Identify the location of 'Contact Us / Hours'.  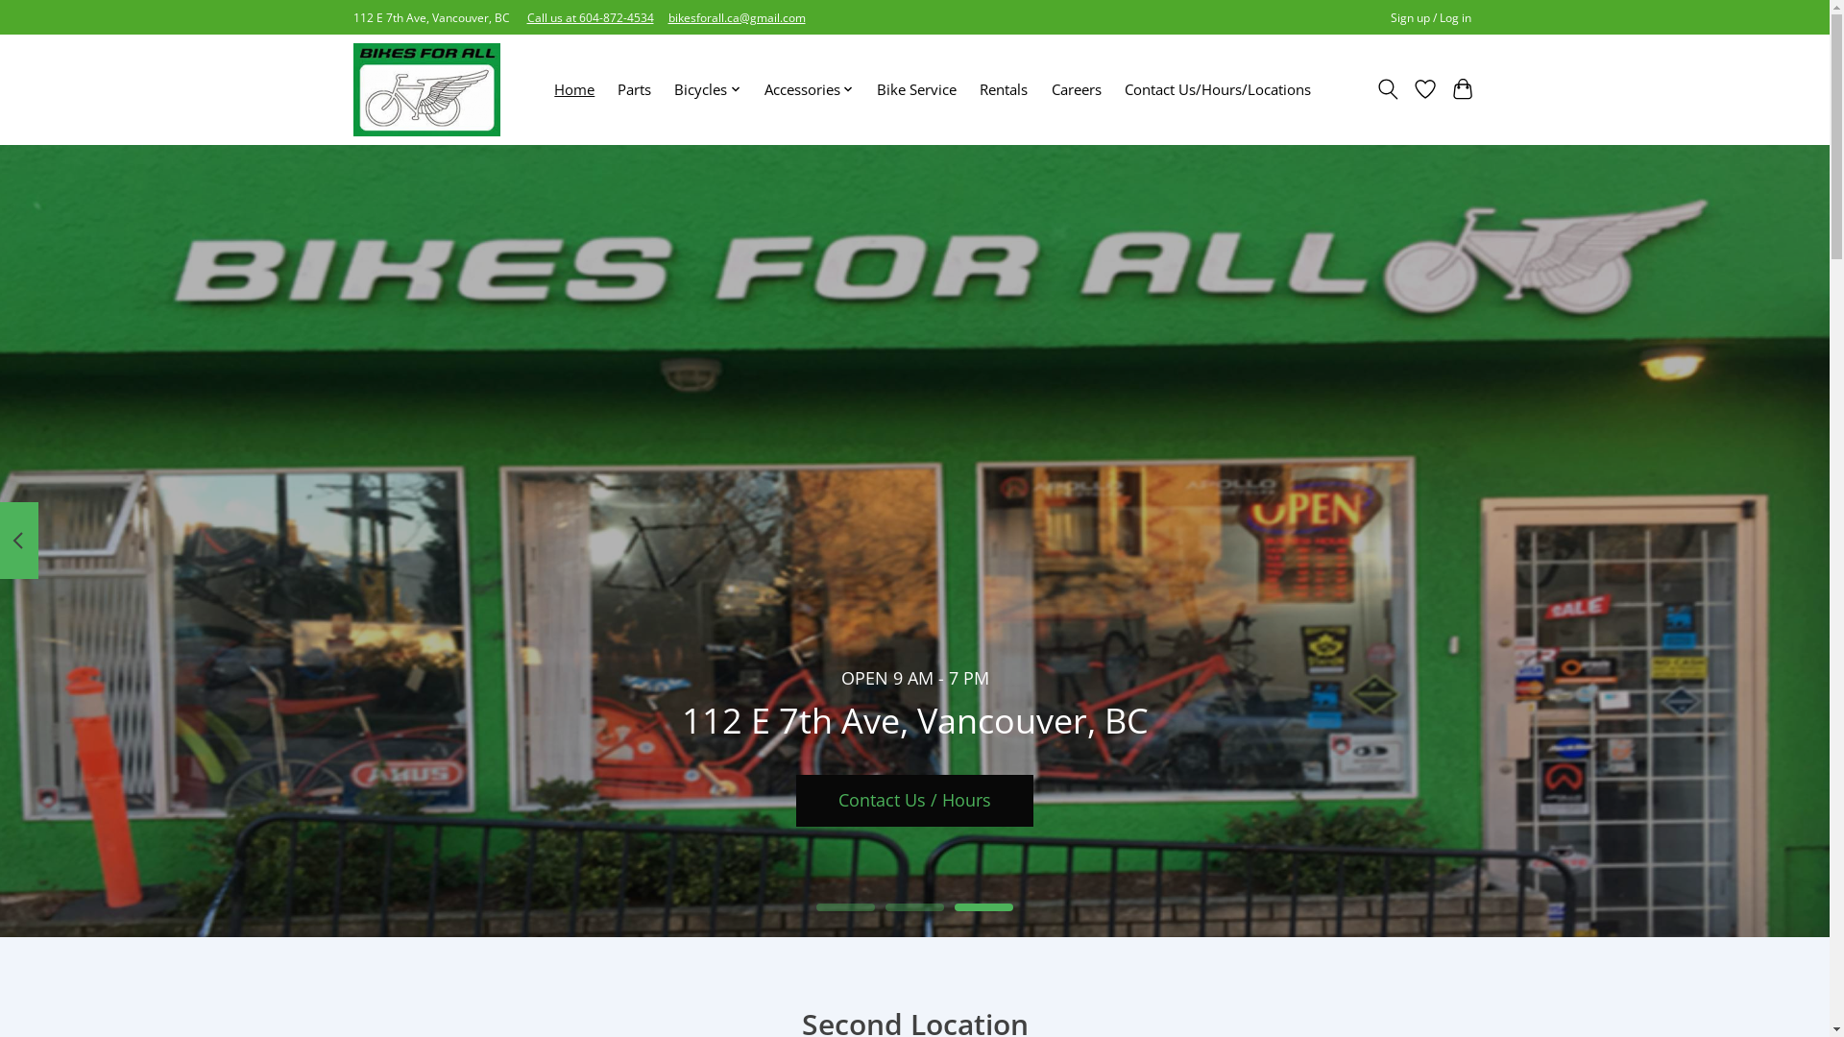
(913, 800).